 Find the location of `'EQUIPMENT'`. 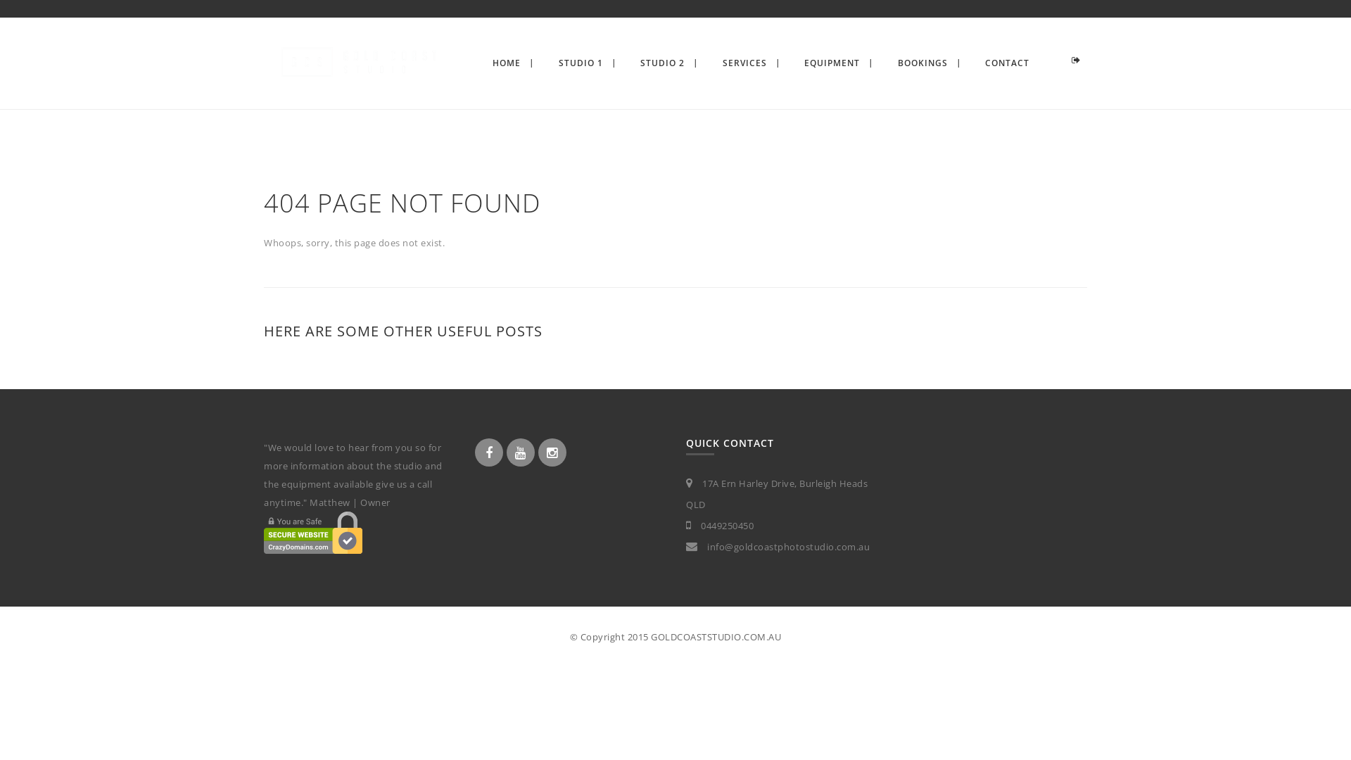

'EQUIPMENT' is located at coordinates (790, 62).